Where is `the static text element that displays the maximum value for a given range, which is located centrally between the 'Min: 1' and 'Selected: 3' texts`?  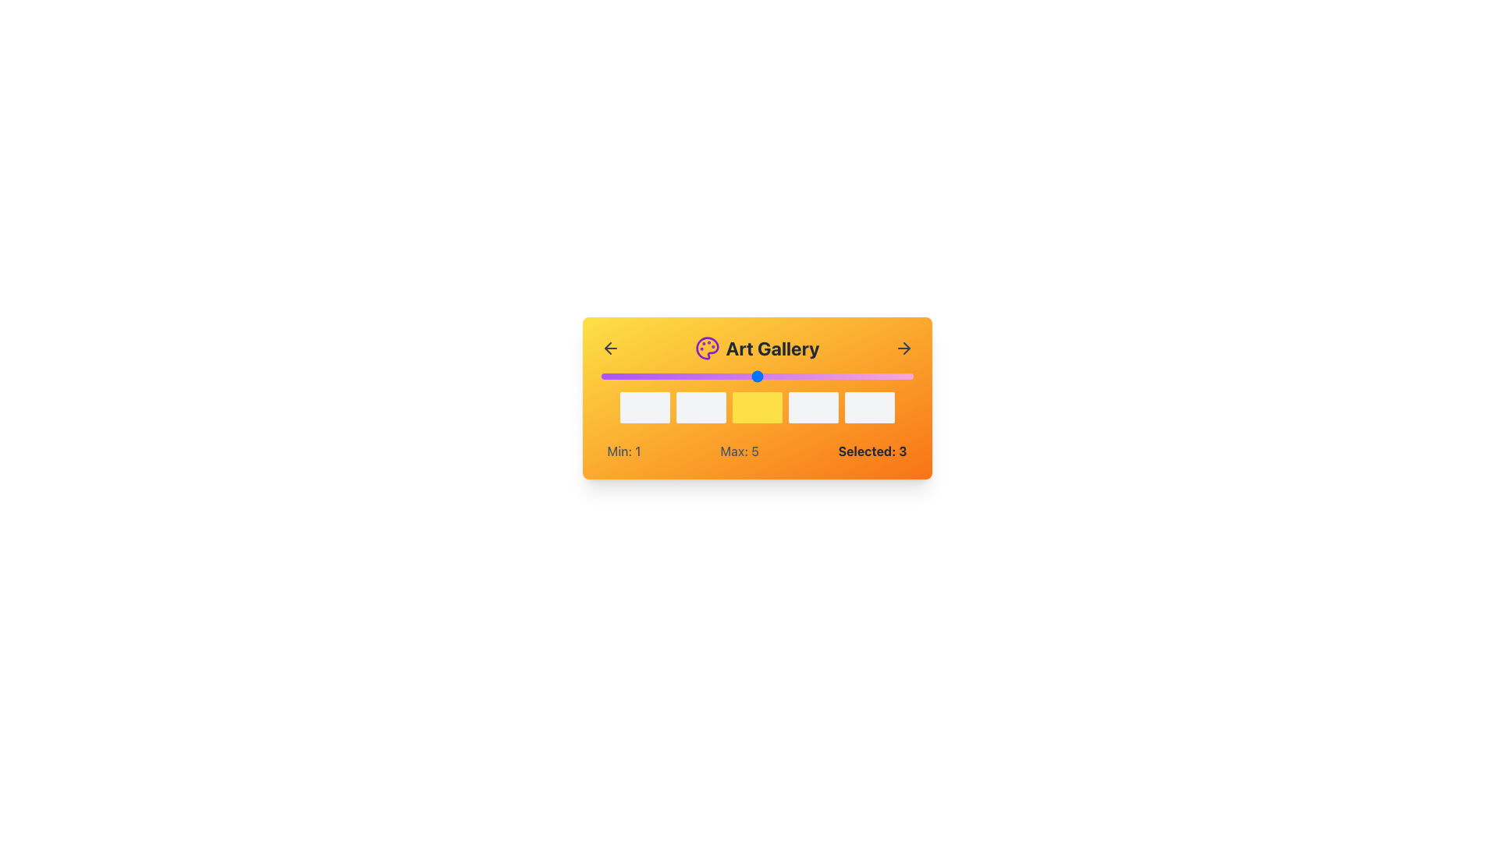 the static text element that displays the maximum value for a given range, which is located centrally between the 'Min: 1' and 'Selected: 3' texts is located at coordinates (739, 451).